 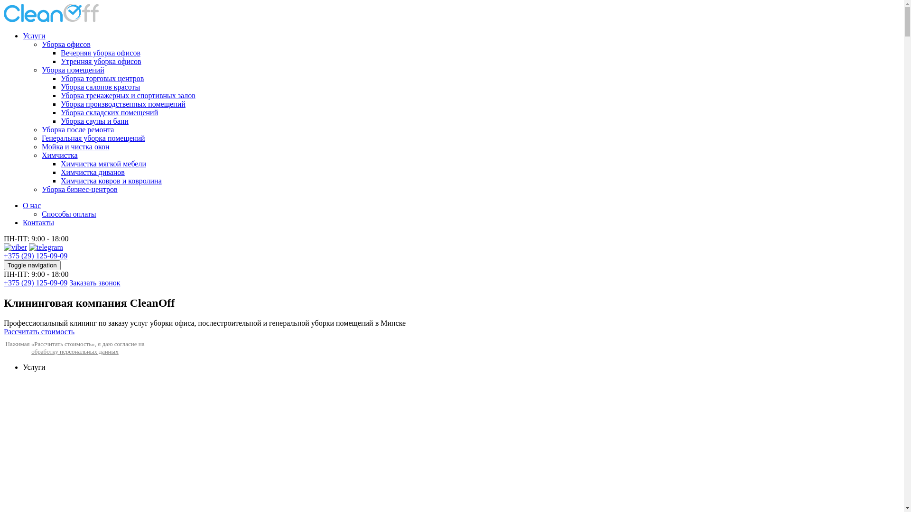 I want to click on 'Toggle navigation', so click(x=32, y=265).